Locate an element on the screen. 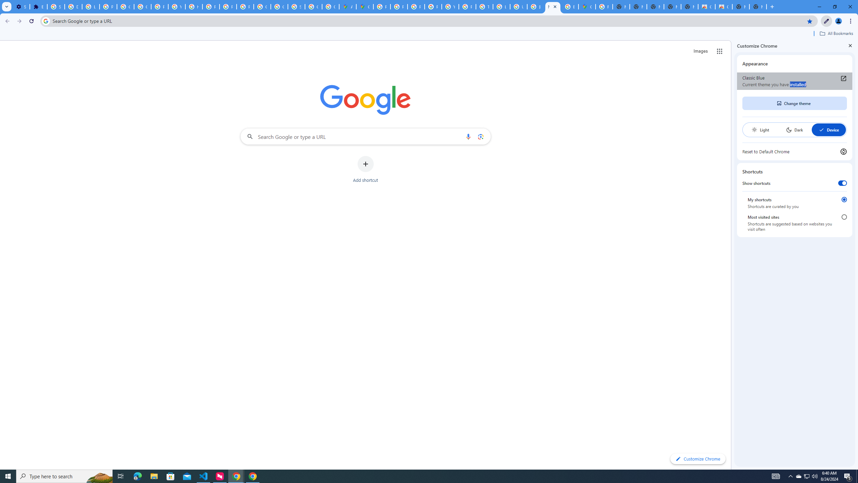 This screenshot has width=858, height=483. 'Device' is located at coordinates (828, 129).